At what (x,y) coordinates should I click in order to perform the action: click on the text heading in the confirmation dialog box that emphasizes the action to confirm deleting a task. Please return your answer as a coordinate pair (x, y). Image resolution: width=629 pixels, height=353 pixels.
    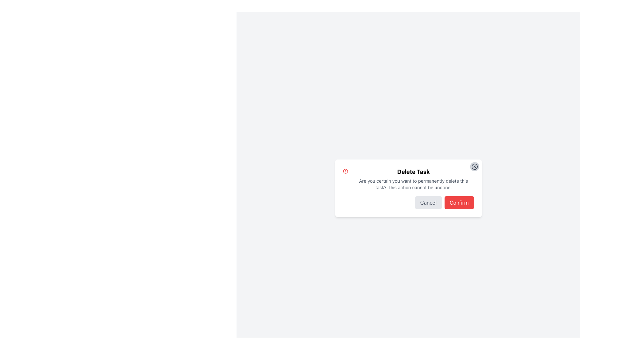
    Looking at the image, I should click on (413, 171).